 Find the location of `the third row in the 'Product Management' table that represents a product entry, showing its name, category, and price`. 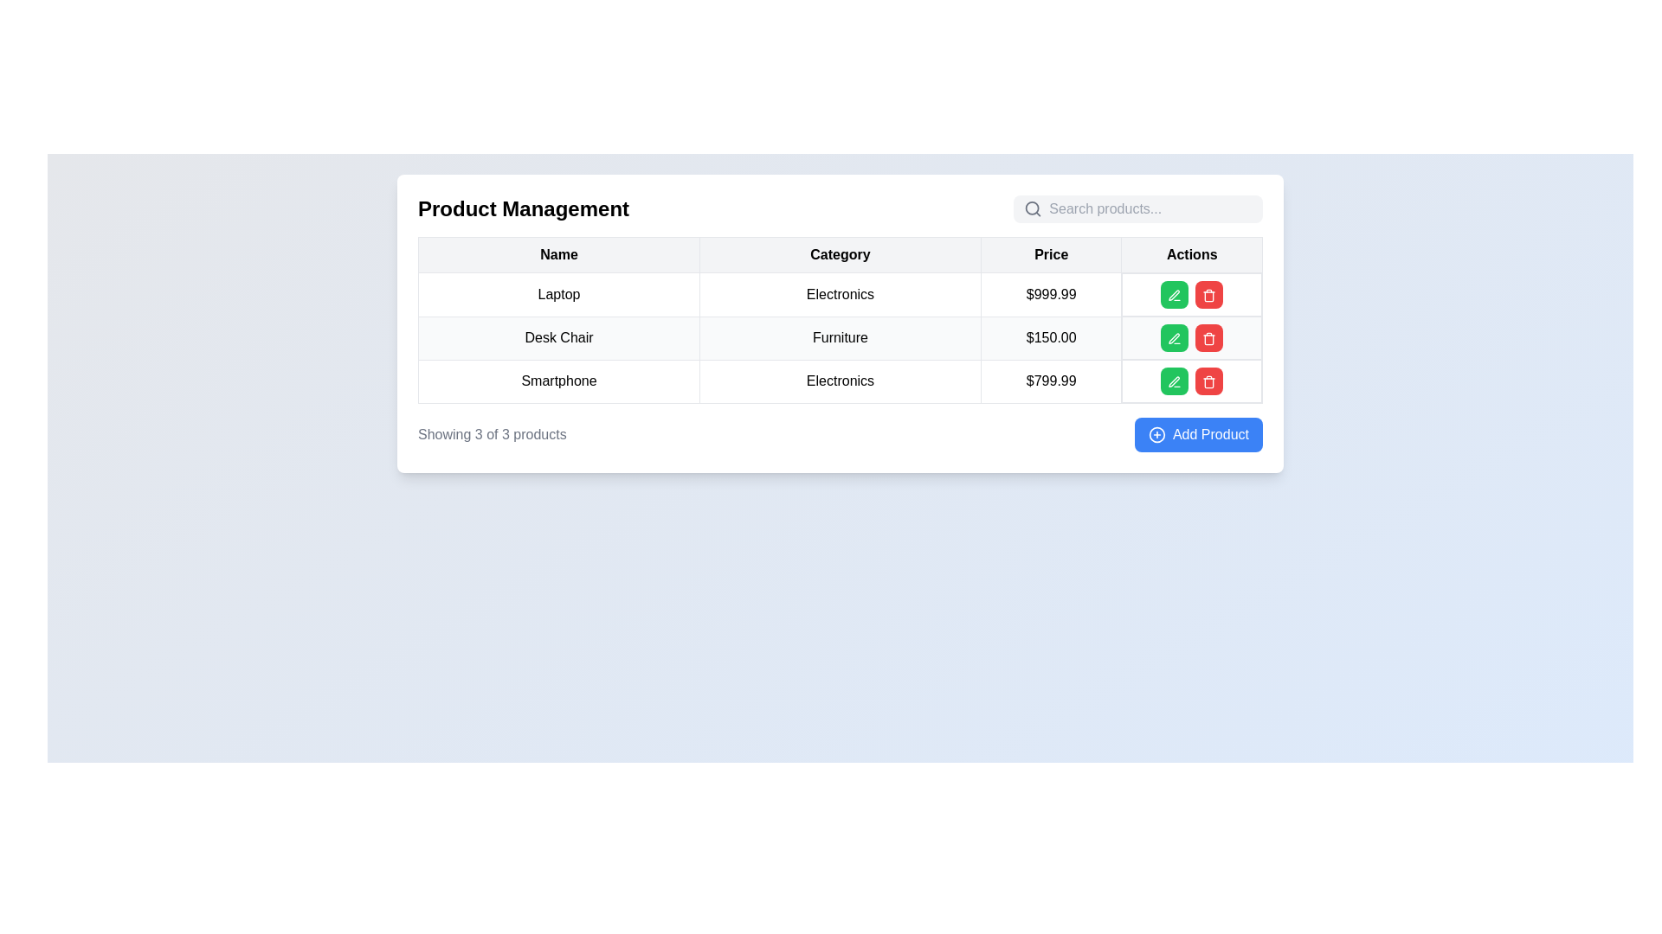

the third row in the 'Product Management' table that represents a product entry, showing its name, category, and price is located at coordinates (840, 380).